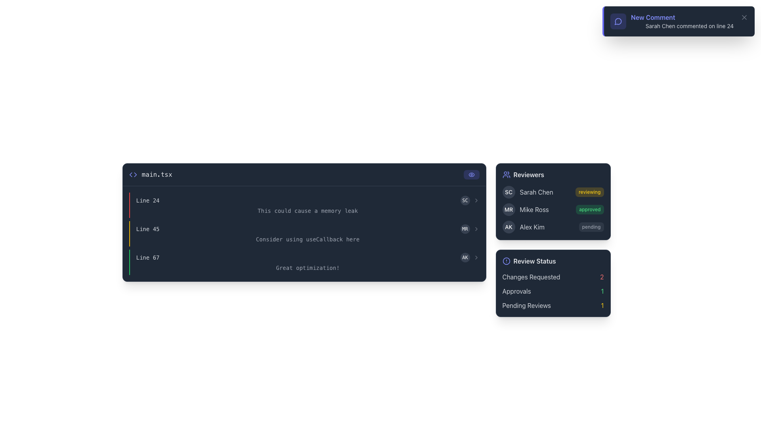 The image size is (761, 428). What do you see at coordinates (589, 192) in the screenshot?
I see `the status indicator labeled 'reviewing' with yellow text, located next to 'Sarah Chen' in the 'Reviewers' section` at bounding box center [589, 192].